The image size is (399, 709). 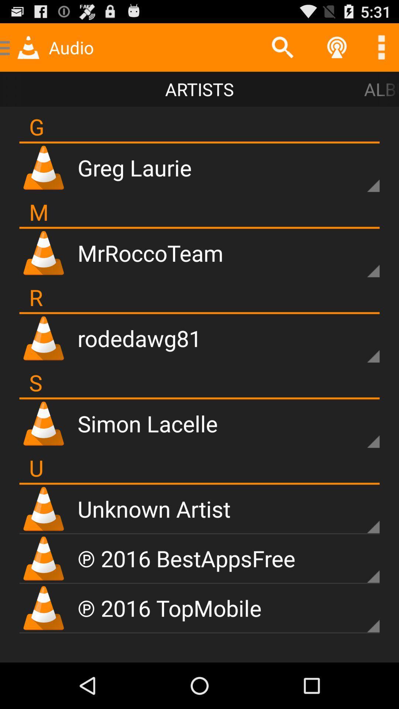 I want to click on the app above artists, so click(x=282, y=47).